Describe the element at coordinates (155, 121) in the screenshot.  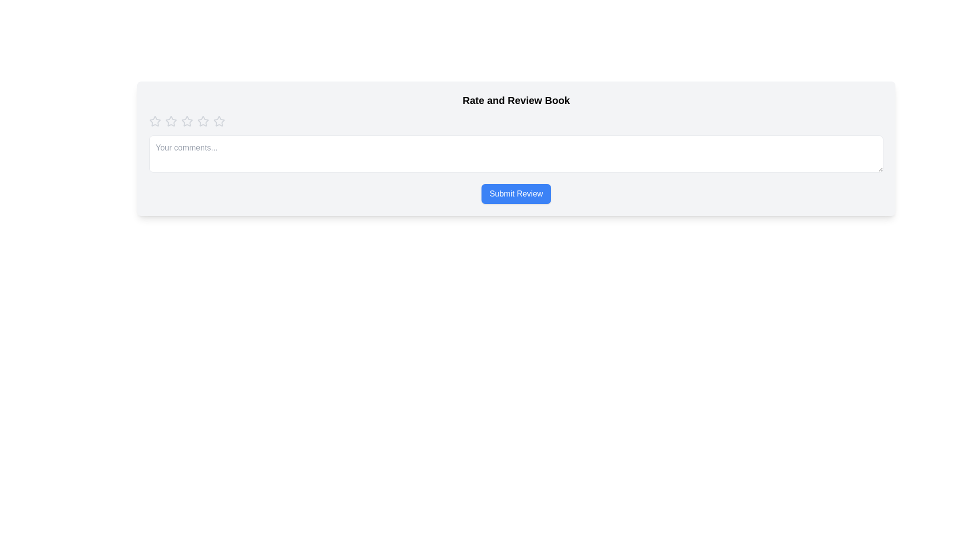
I see `the star corresponding to the rating level 1` at that location.